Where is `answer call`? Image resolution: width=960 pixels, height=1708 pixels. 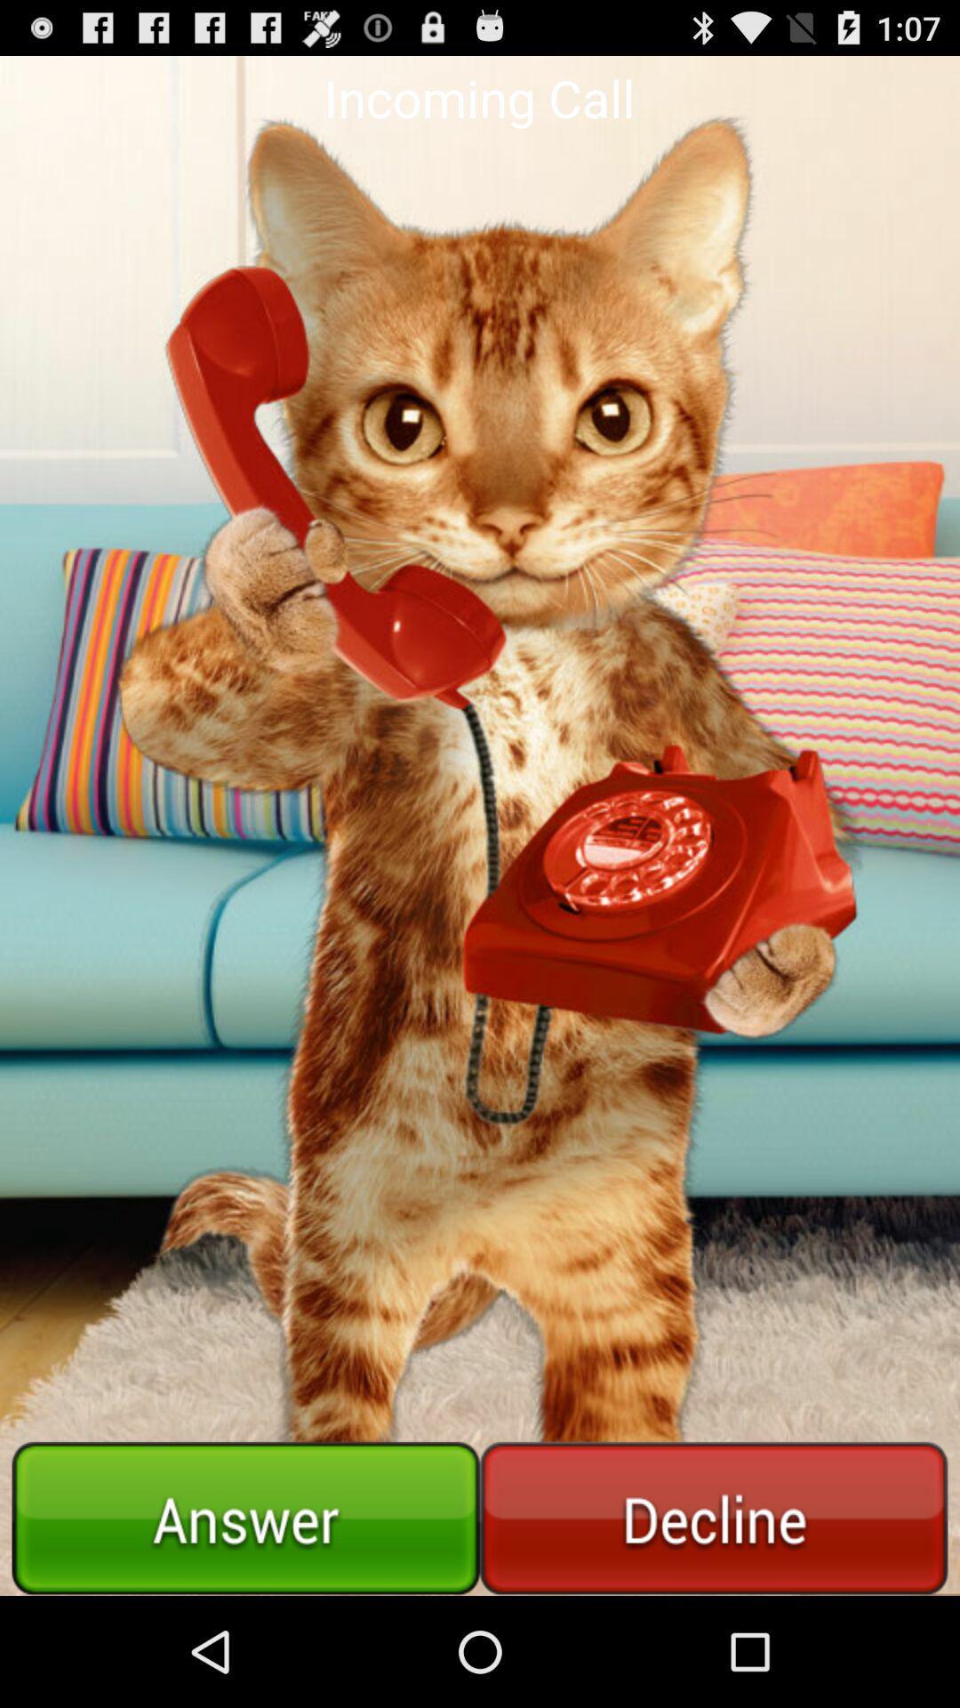
answer call is located at coordinates (245, 1518).